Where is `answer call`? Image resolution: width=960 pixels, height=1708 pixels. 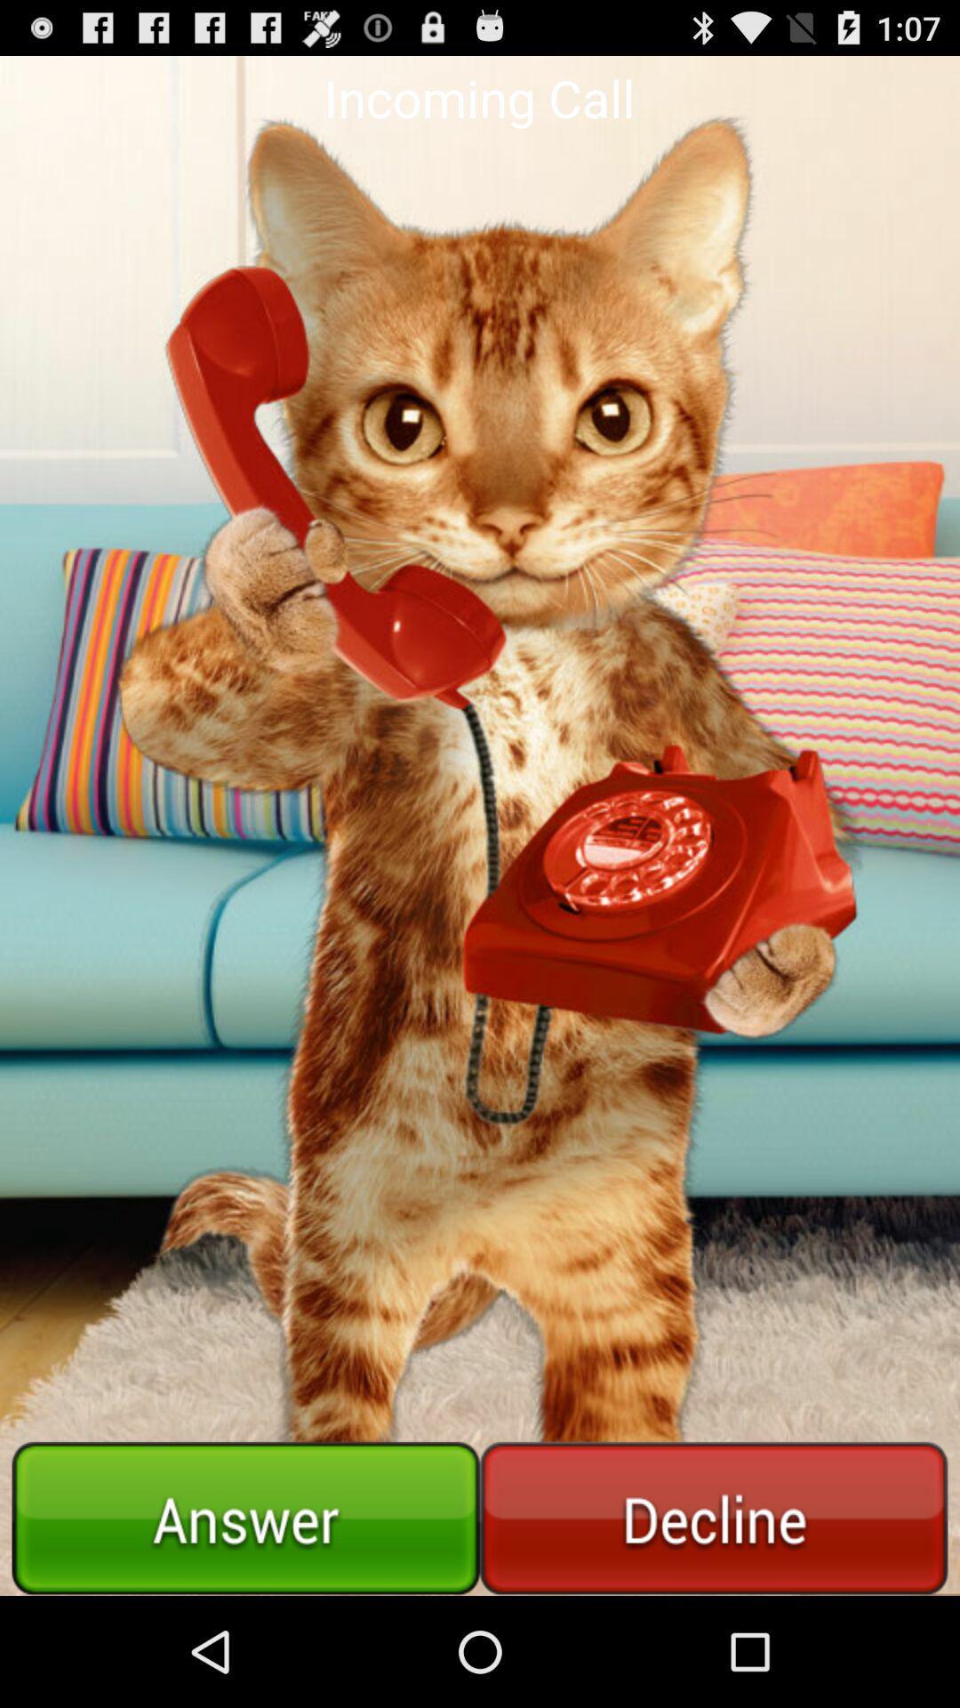
answer call is located at coordinates (245, 1518).